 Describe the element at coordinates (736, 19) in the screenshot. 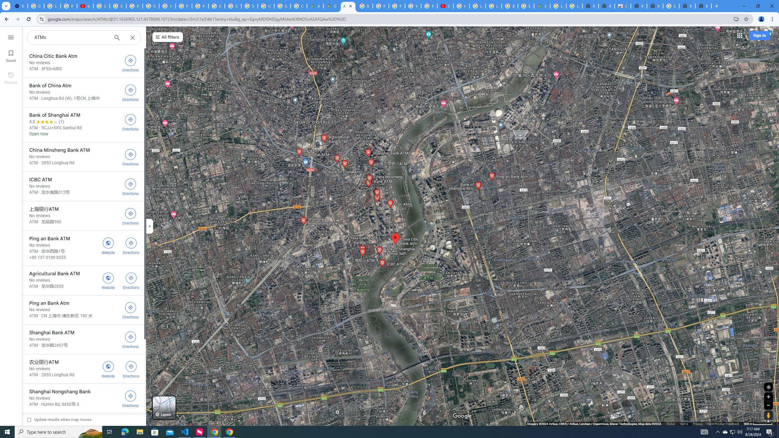

I see `'Install Google Maps'` at that location.